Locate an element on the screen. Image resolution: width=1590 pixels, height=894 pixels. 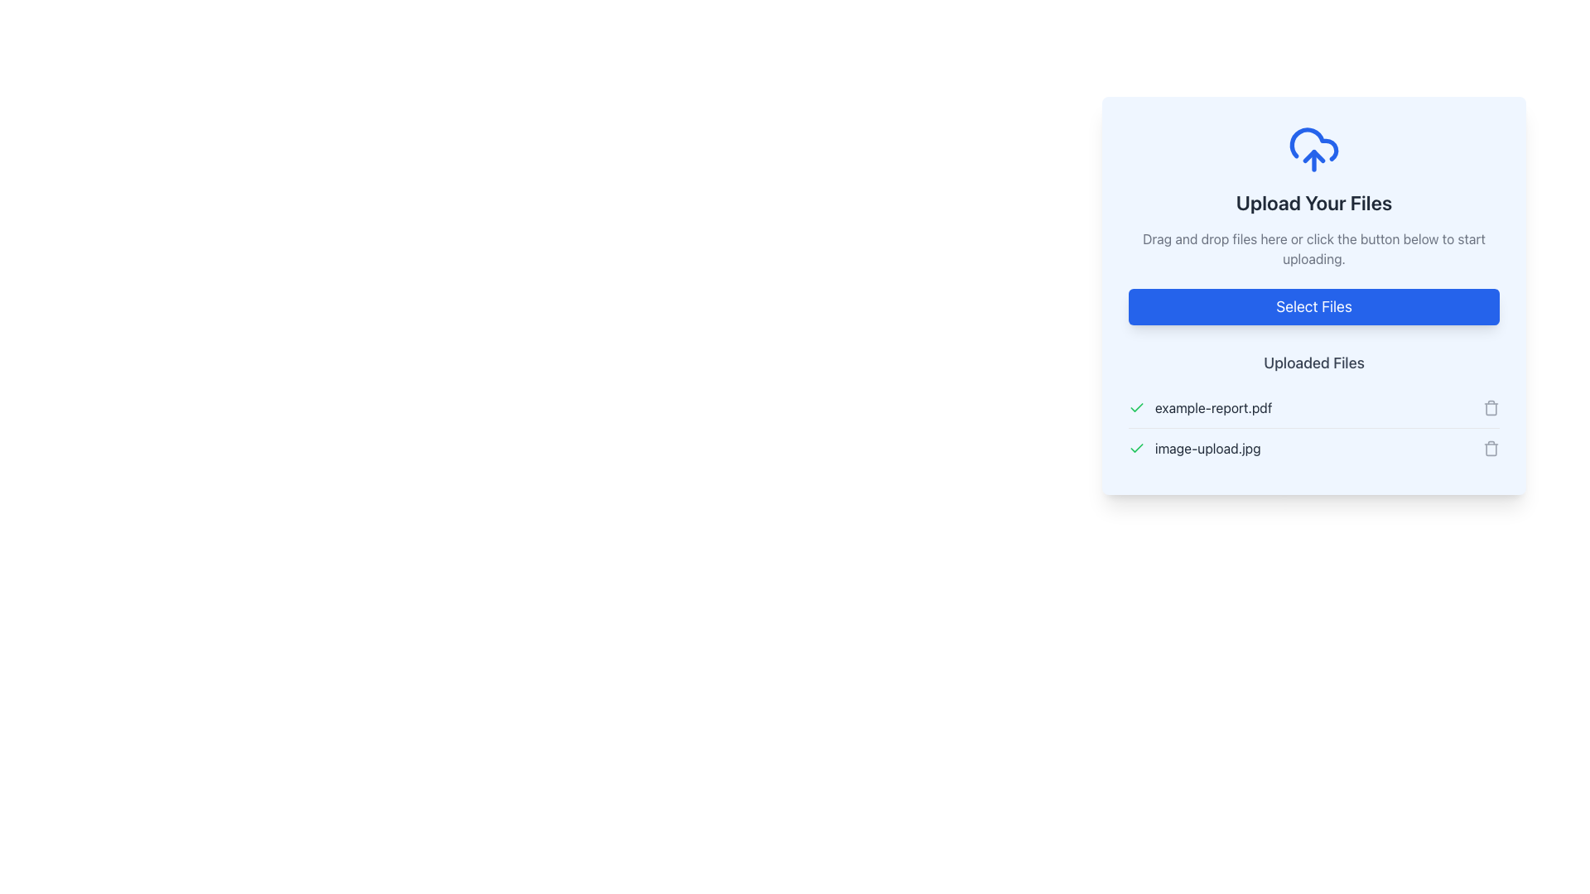
the text label displaying the name of the uploaded file, which is the first item in the list of uploaded files, located beside the green checkmark indicating upload success is located at coordinates (1200, 408).